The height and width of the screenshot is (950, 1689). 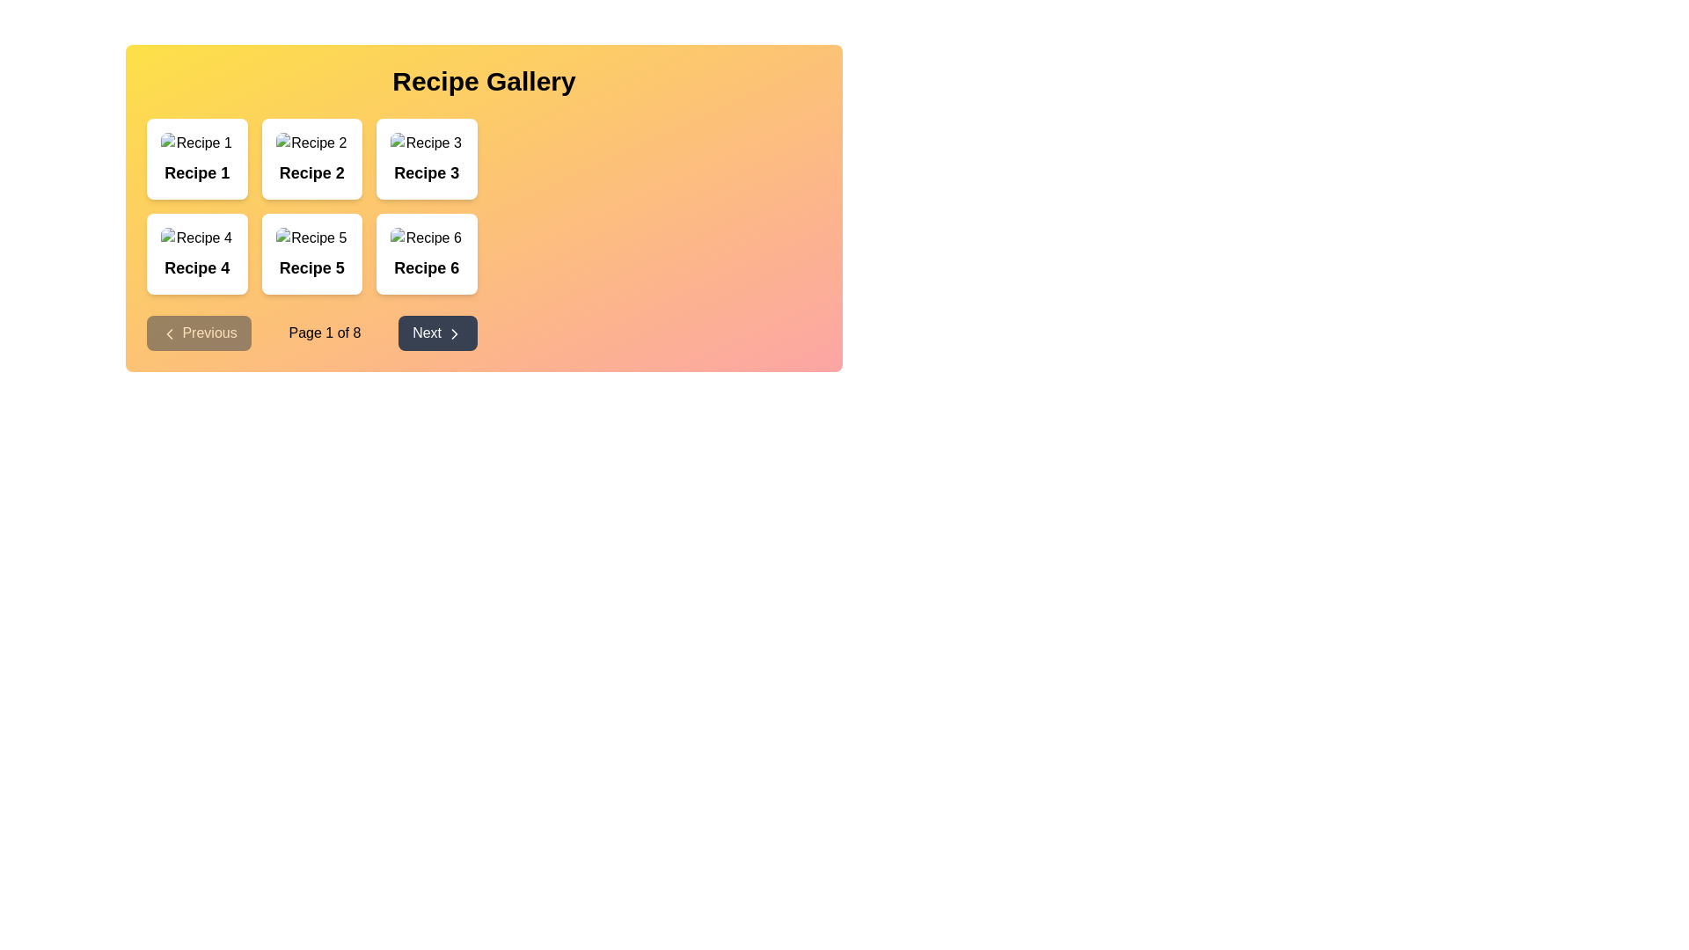 What do you see at coordinates (197, 237) in the screenshot?
I see `the placeholder image for 'Recipe 4' located in the first column of the second row of the recipe gallery` at bounding box center [197, 237].